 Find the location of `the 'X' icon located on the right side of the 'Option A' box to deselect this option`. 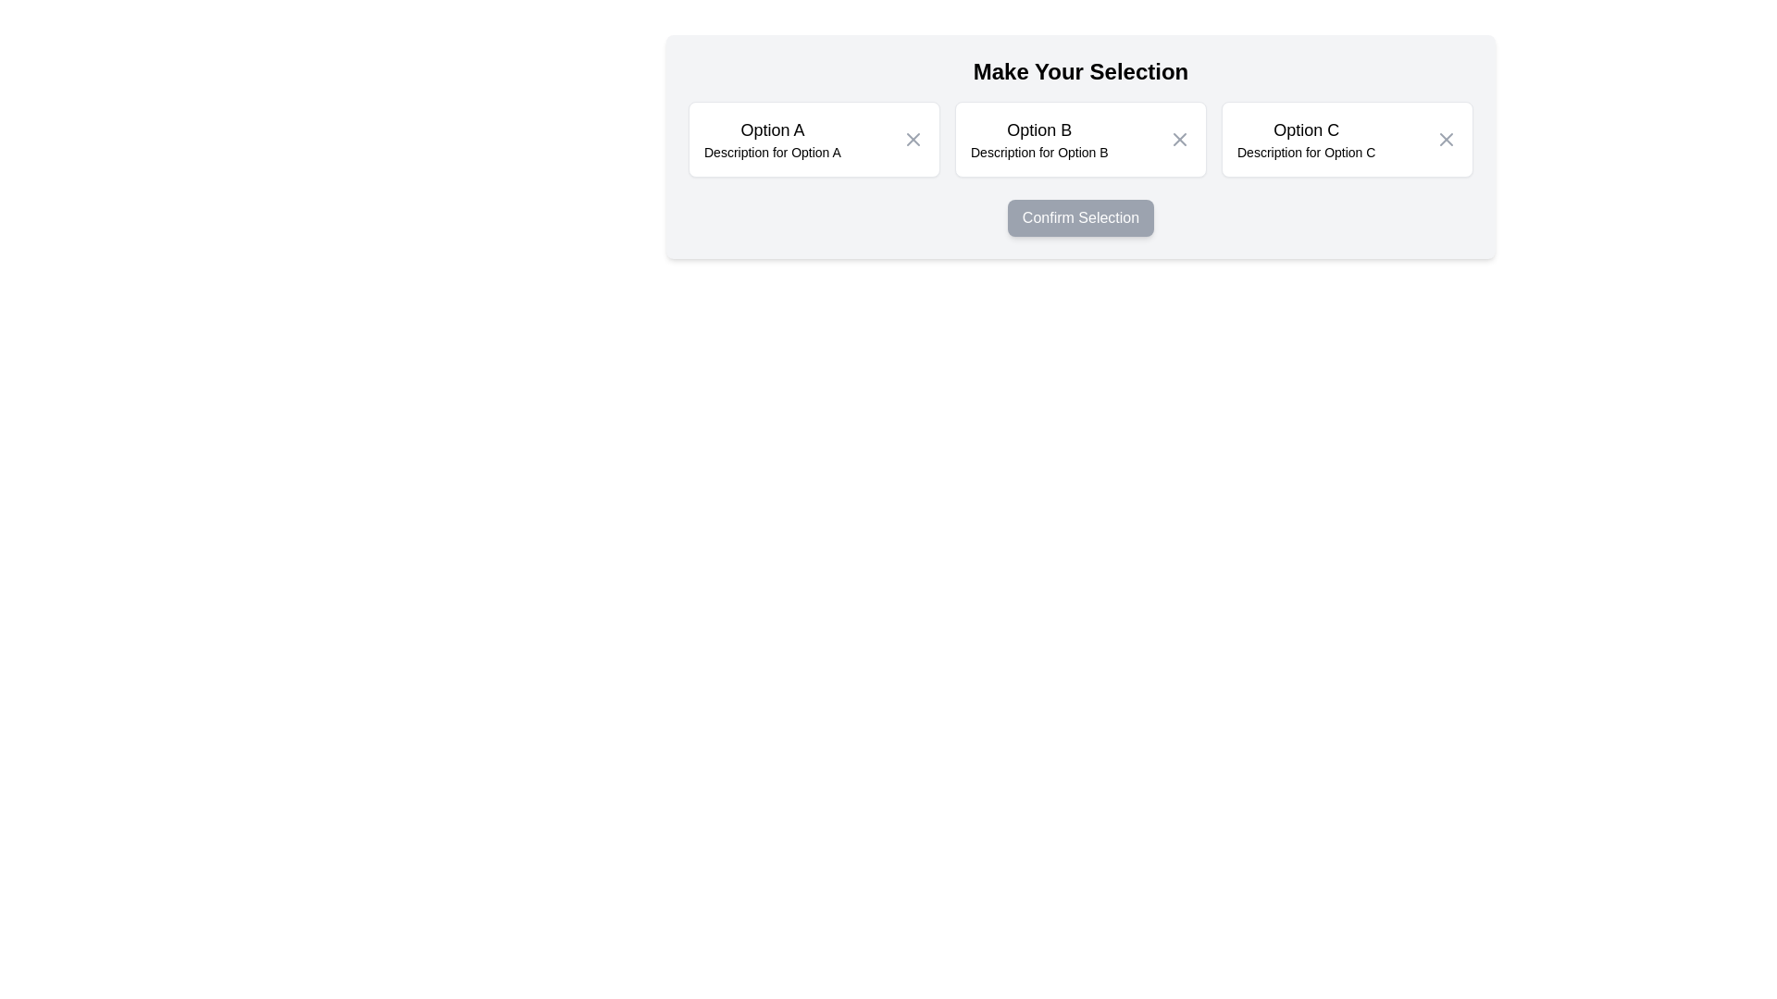

the 'X' icon located on the right side of the 'Option A' box to deselect this option is located at coordinates (913, 138).